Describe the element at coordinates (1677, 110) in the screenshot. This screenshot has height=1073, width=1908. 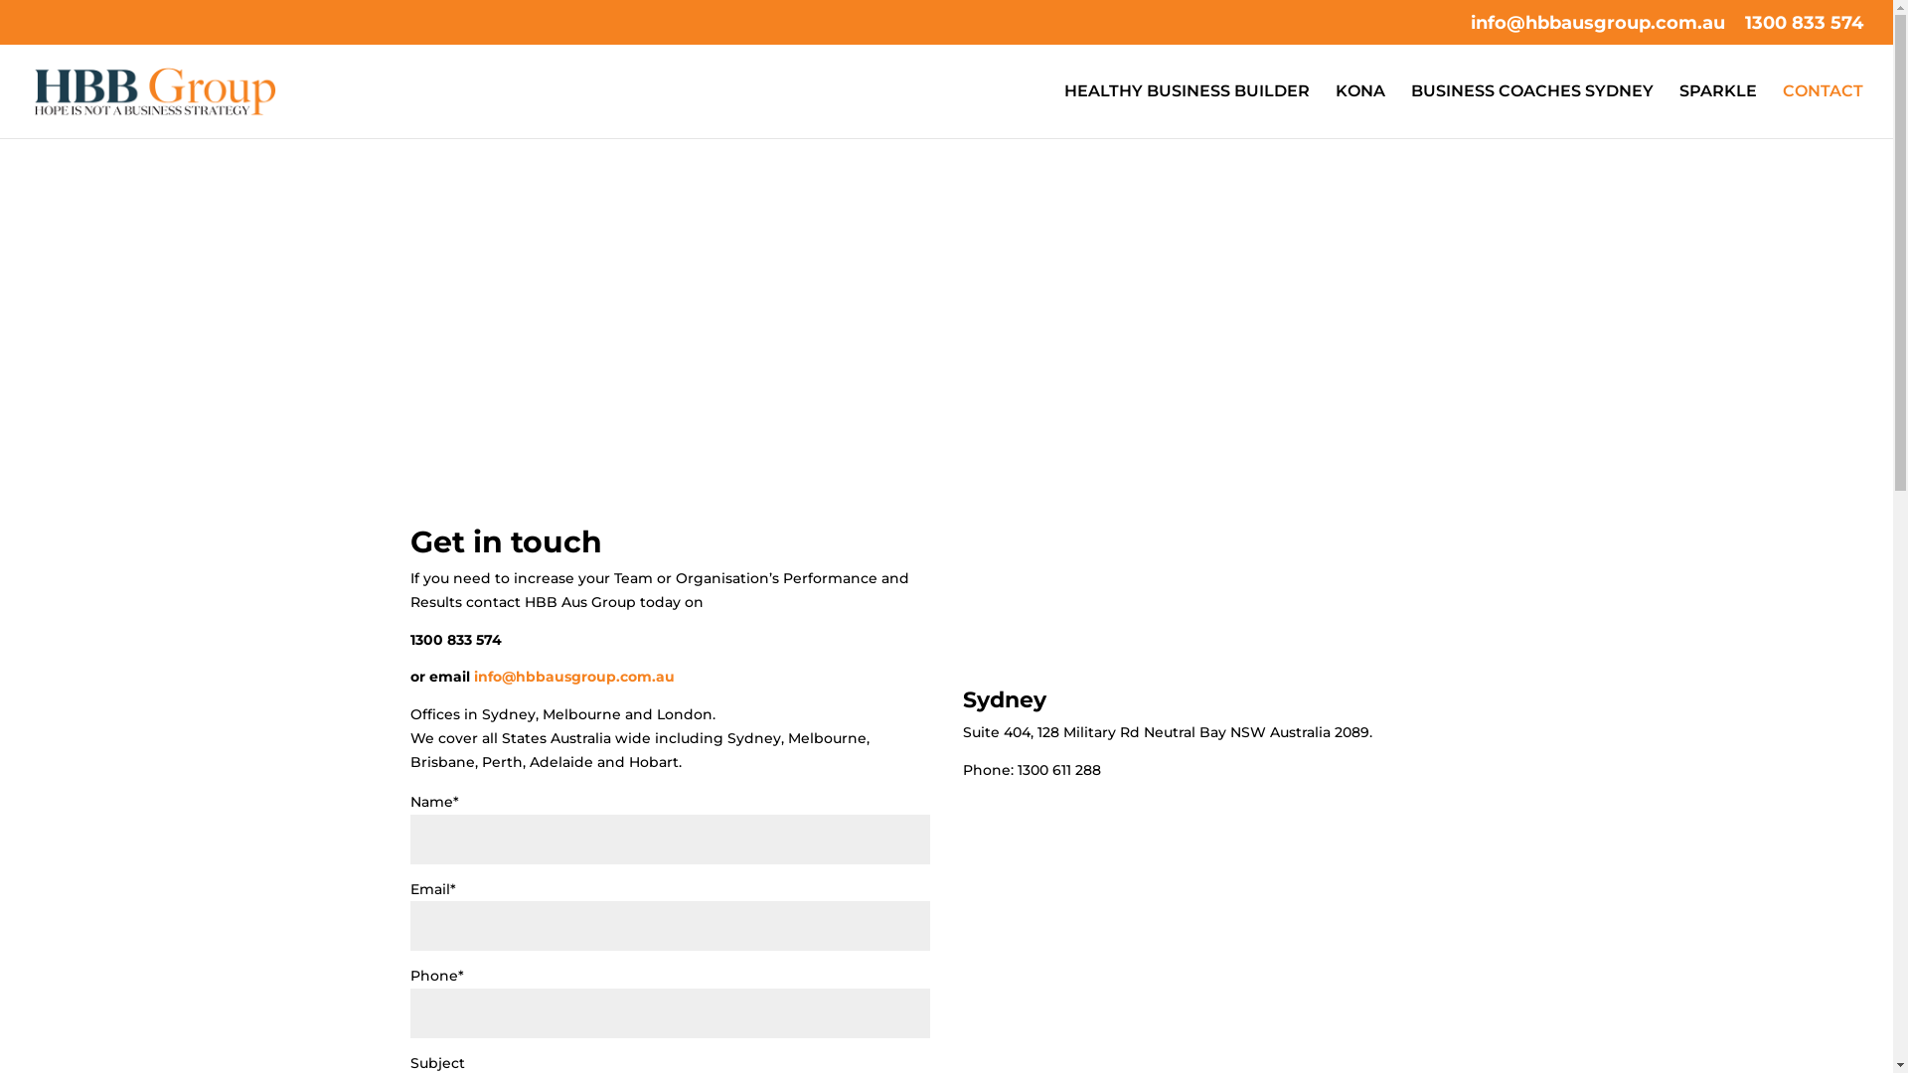
I see `'SPARKLE'` at that location.